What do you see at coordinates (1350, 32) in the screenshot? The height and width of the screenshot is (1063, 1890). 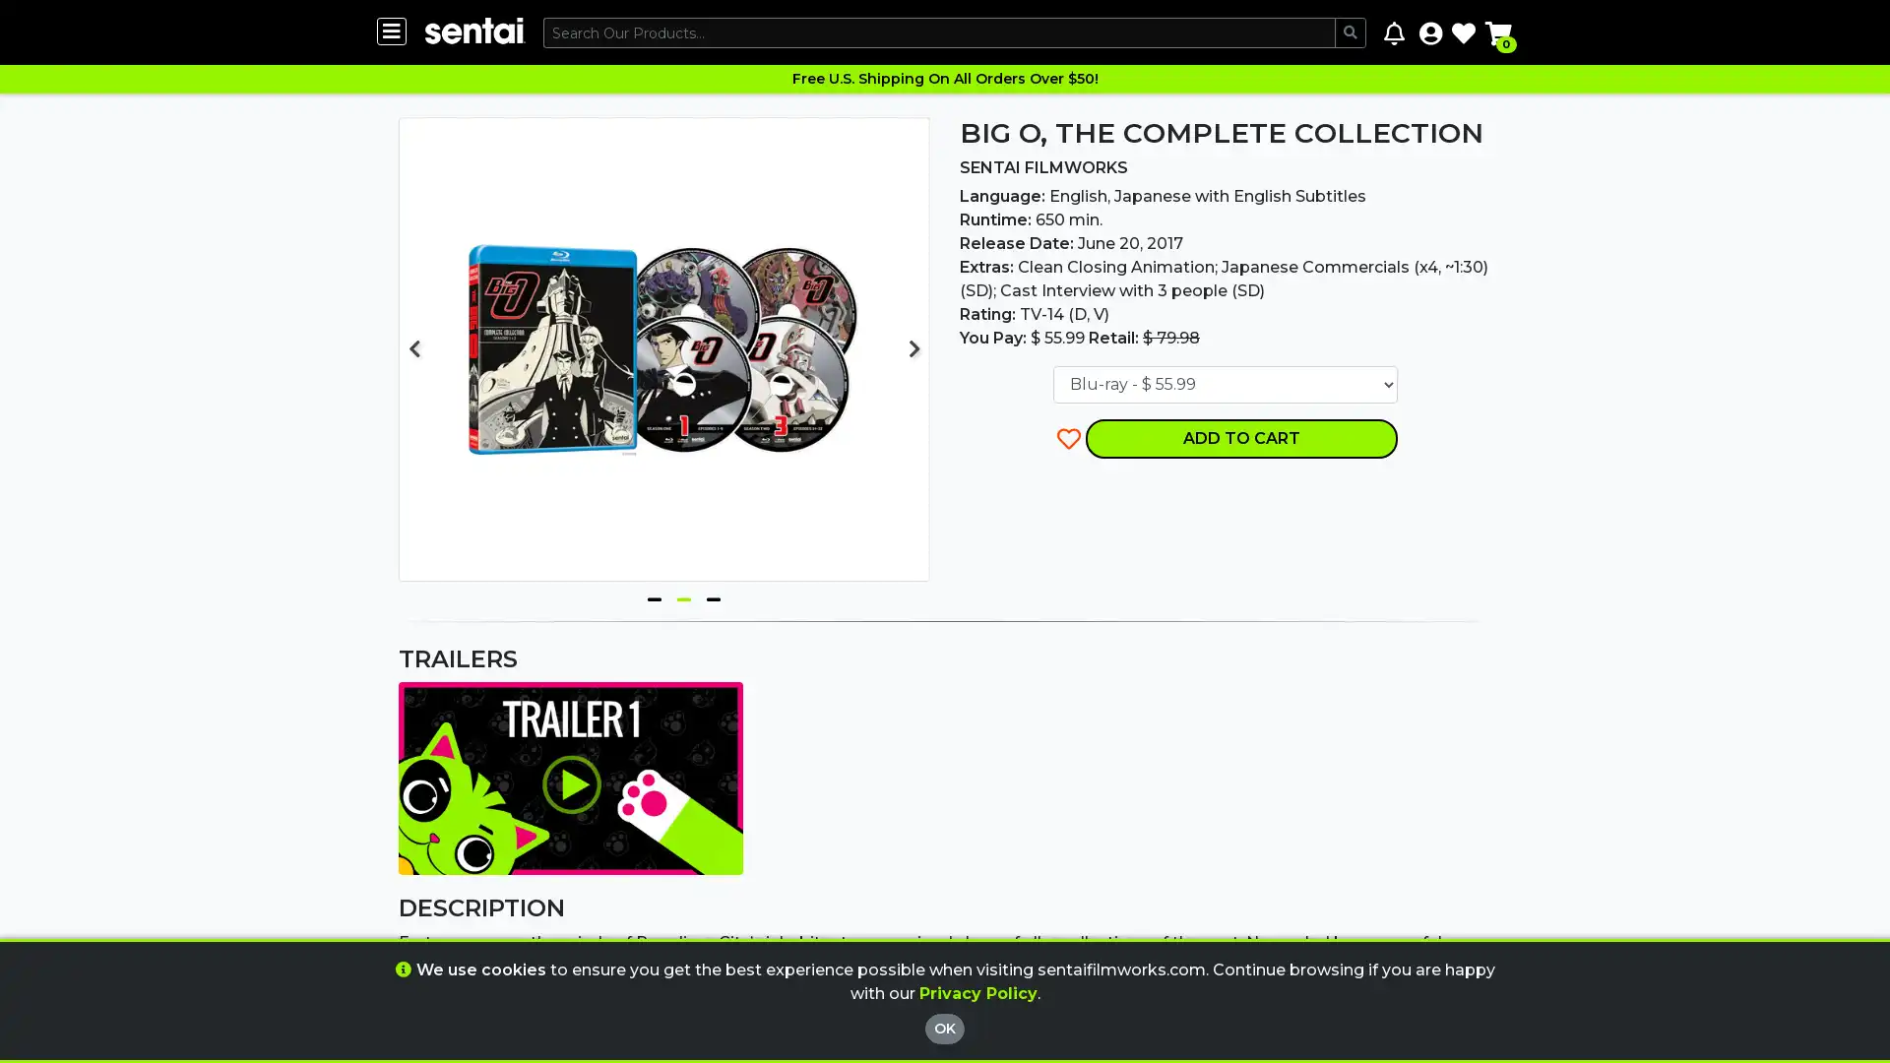 I see `Search Button` at bounding box center [1350, 32].